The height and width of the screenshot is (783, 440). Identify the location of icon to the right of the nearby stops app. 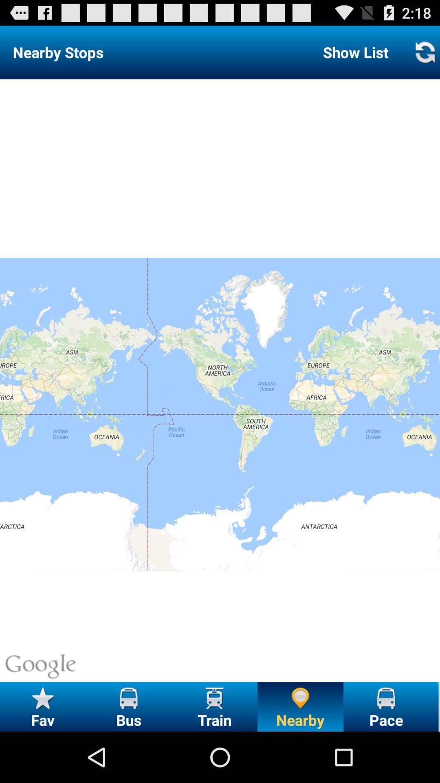
(355, 52).